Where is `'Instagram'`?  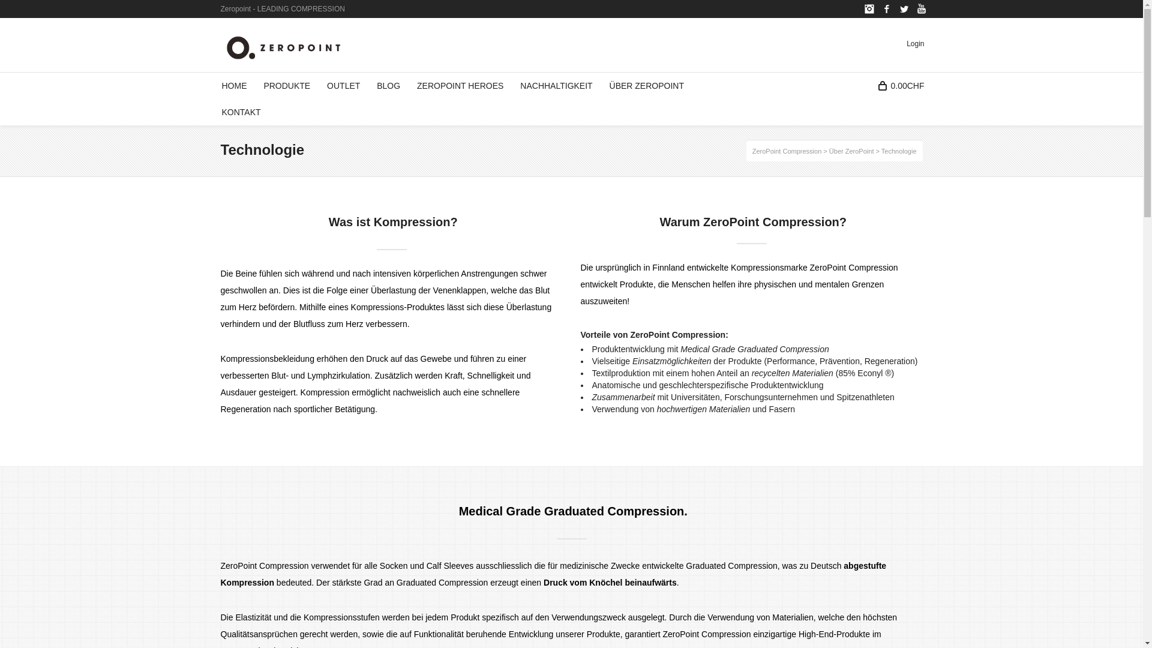
'Instagram' is located at coordinates (860, 9).